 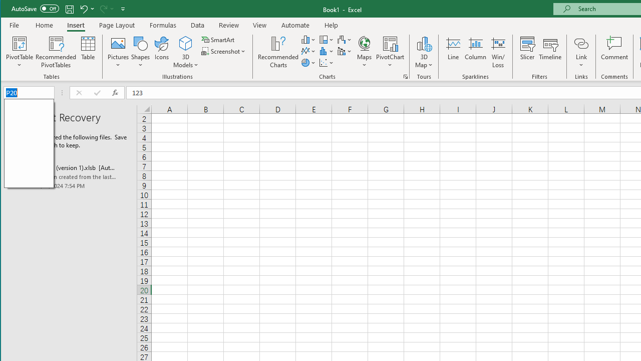 I want to click on 'Insert Statistic Chart', so click(x=327, y=51).